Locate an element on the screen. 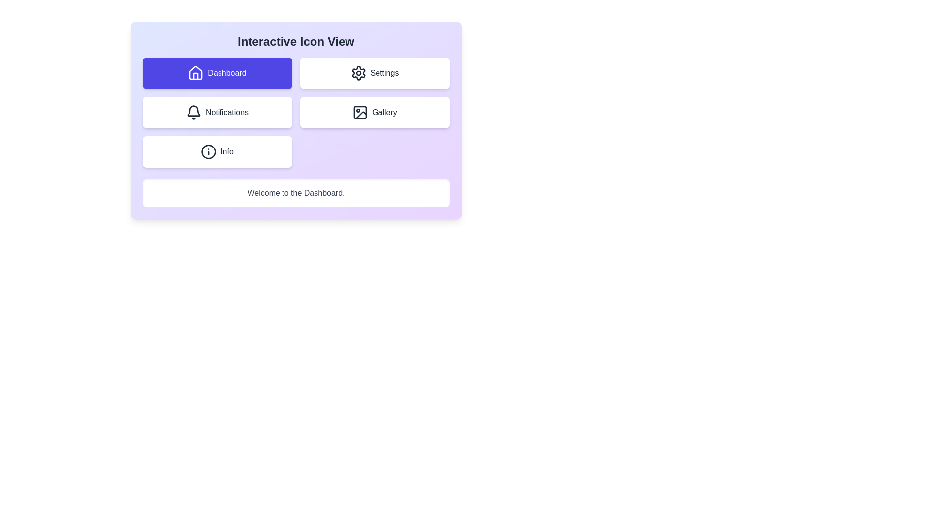 Image resolution: width=945 pixels, height=531 pixels. the Label/Text Header that serves as a title or heading for the content section, located above the grid of icons including 'Dashboard', 'Settings', 'Notifications', and 'Gallery' is located at coordinates (295, 41).